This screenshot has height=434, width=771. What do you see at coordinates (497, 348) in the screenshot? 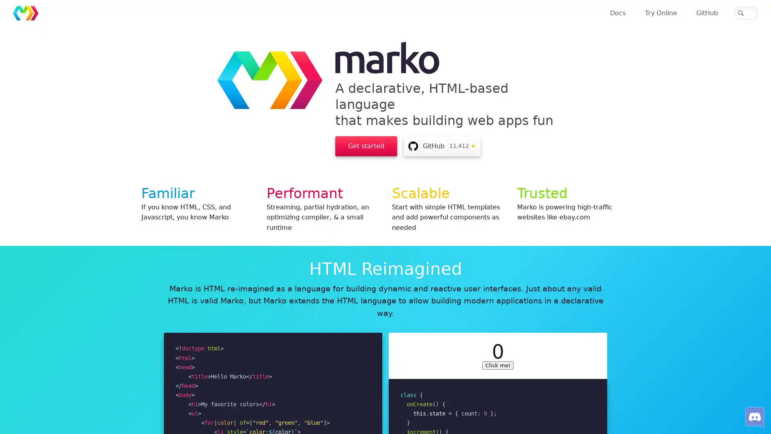
I see `Click me!` at bounding box center [497, 348].